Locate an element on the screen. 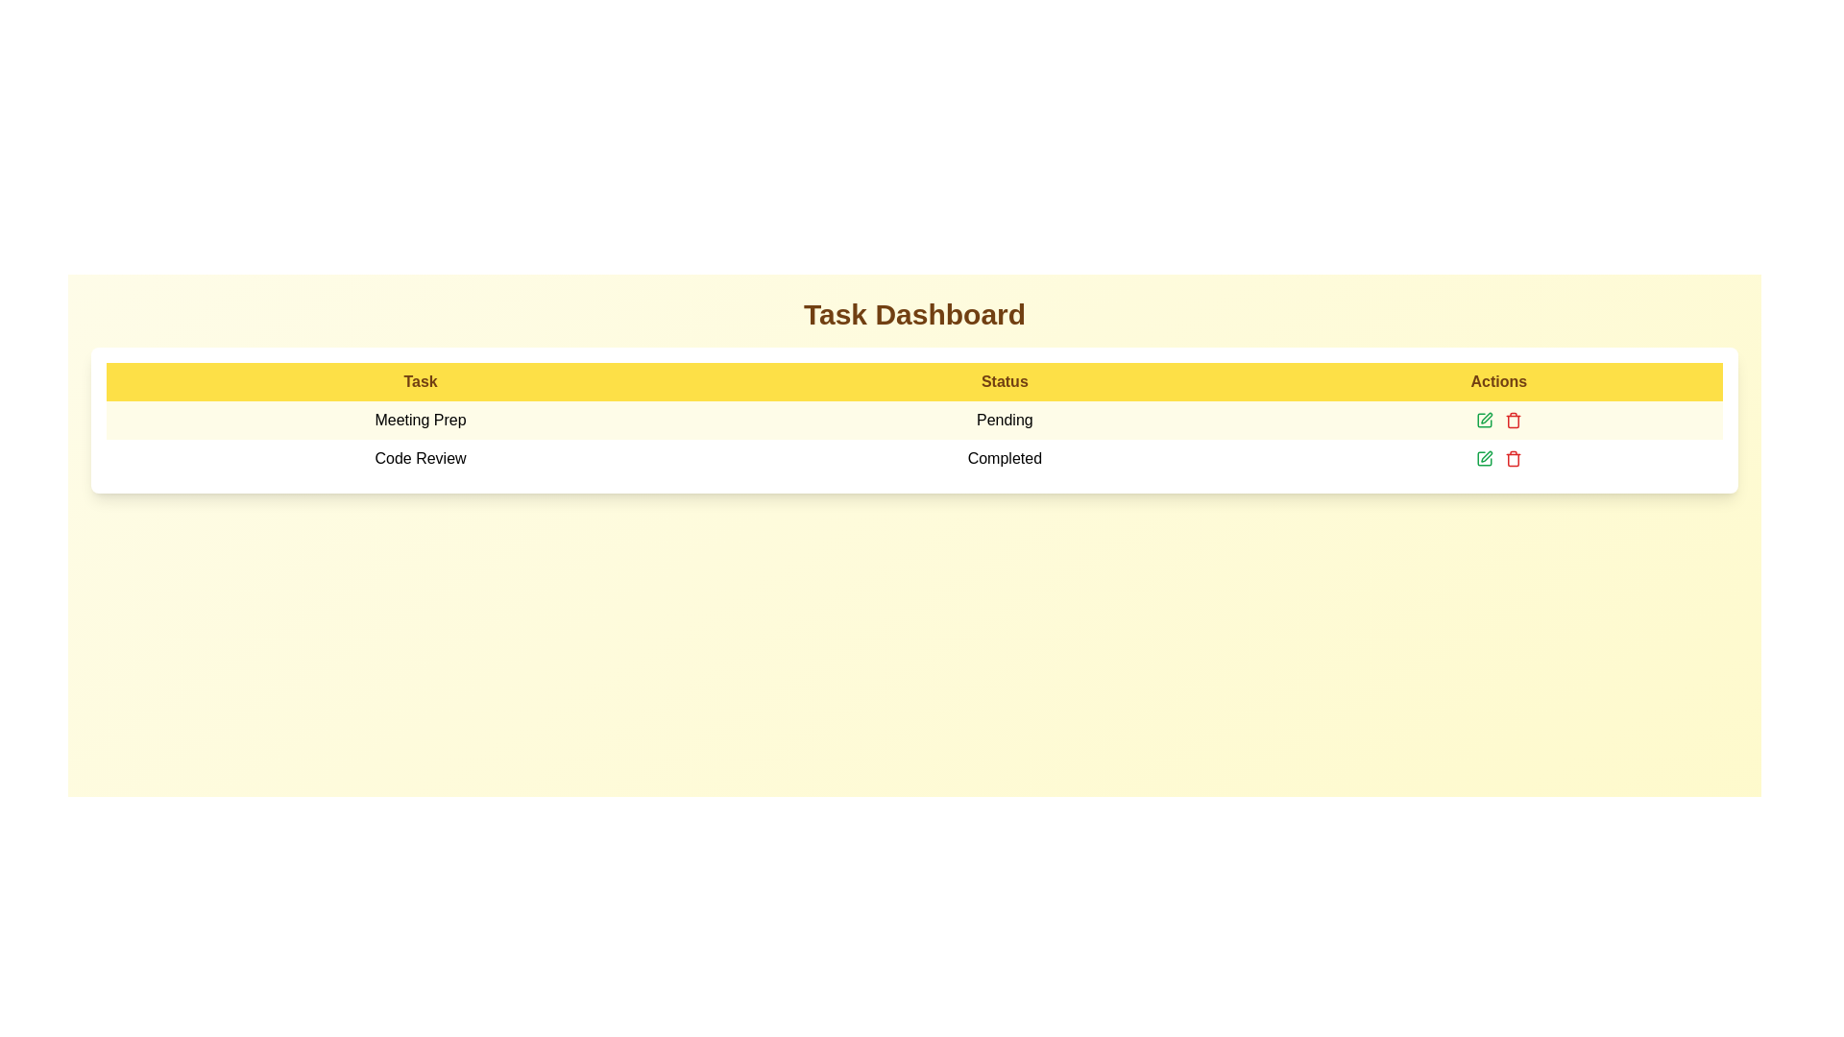 This screenshot has height=1037, width=1844. text heading at the top section of the task dashboard, which indicates the purpose of the content below is located at coordinates (913, 313).